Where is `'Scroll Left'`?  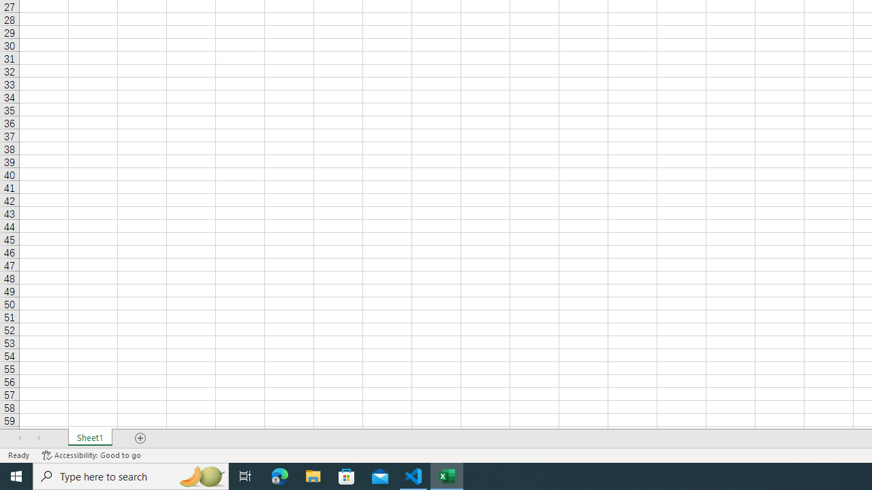 'Scroll Left' is located at coordinates (20, 438).